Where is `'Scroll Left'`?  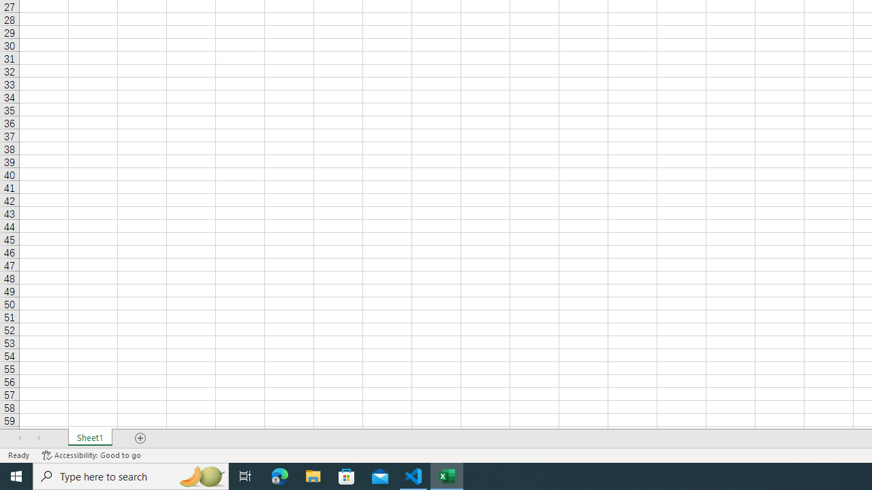 'Scroll Left' is located at coordinates (20, 438).